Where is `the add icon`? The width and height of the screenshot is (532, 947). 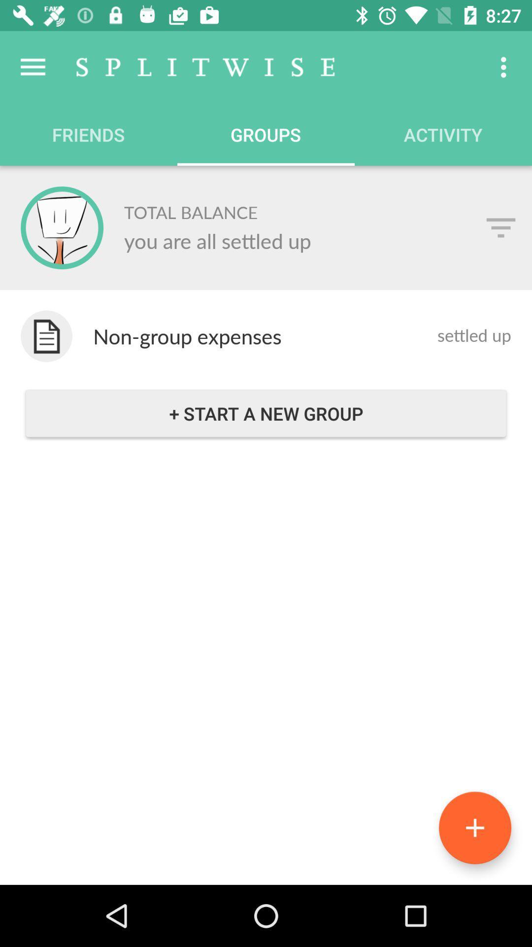 the add icon is located at coordinates (474, 828).